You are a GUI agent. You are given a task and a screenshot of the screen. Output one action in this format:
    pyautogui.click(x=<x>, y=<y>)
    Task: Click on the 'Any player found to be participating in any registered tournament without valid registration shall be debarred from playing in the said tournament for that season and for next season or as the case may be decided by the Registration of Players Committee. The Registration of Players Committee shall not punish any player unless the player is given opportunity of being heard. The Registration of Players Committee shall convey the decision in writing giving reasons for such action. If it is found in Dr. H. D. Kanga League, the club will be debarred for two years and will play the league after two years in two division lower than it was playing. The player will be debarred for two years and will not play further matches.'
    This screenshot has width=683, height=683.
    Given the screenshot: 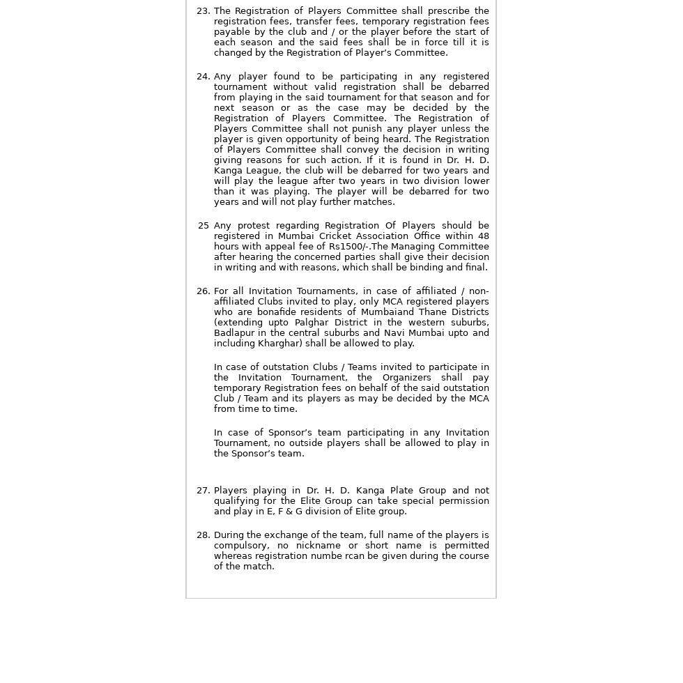 What is the action you would take?
    pyautogui.click(x=351, y=139)
    